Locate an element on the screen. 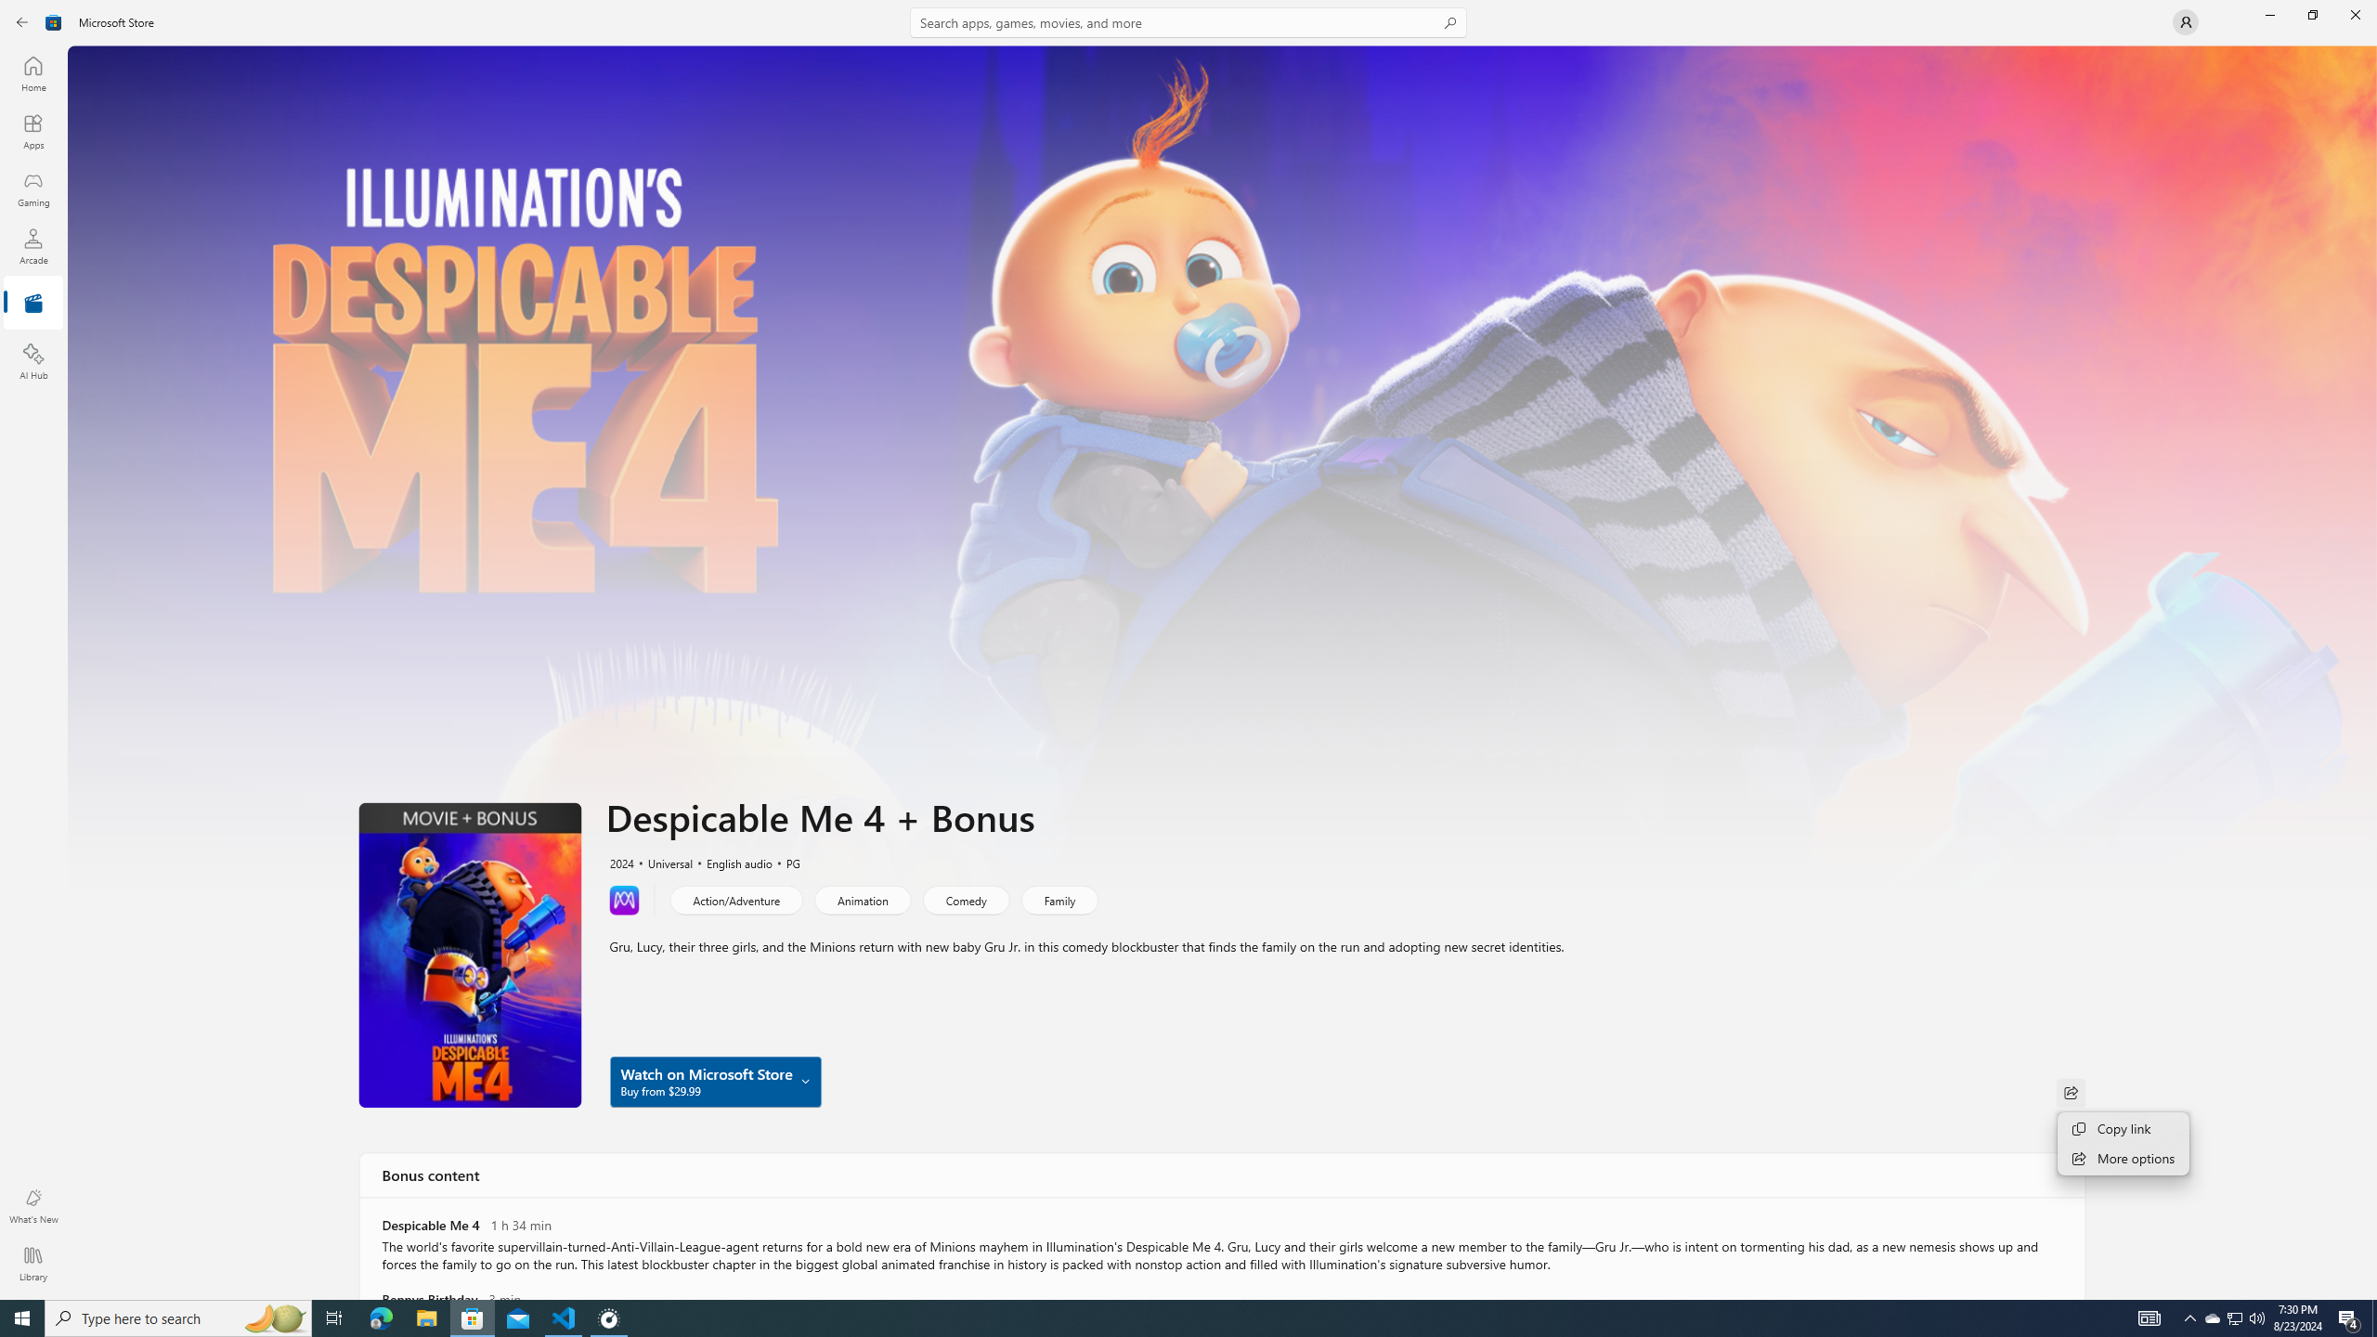 This screenshot has width=2377, height=1337. 'Library' is located at coordinates (32, 1263).